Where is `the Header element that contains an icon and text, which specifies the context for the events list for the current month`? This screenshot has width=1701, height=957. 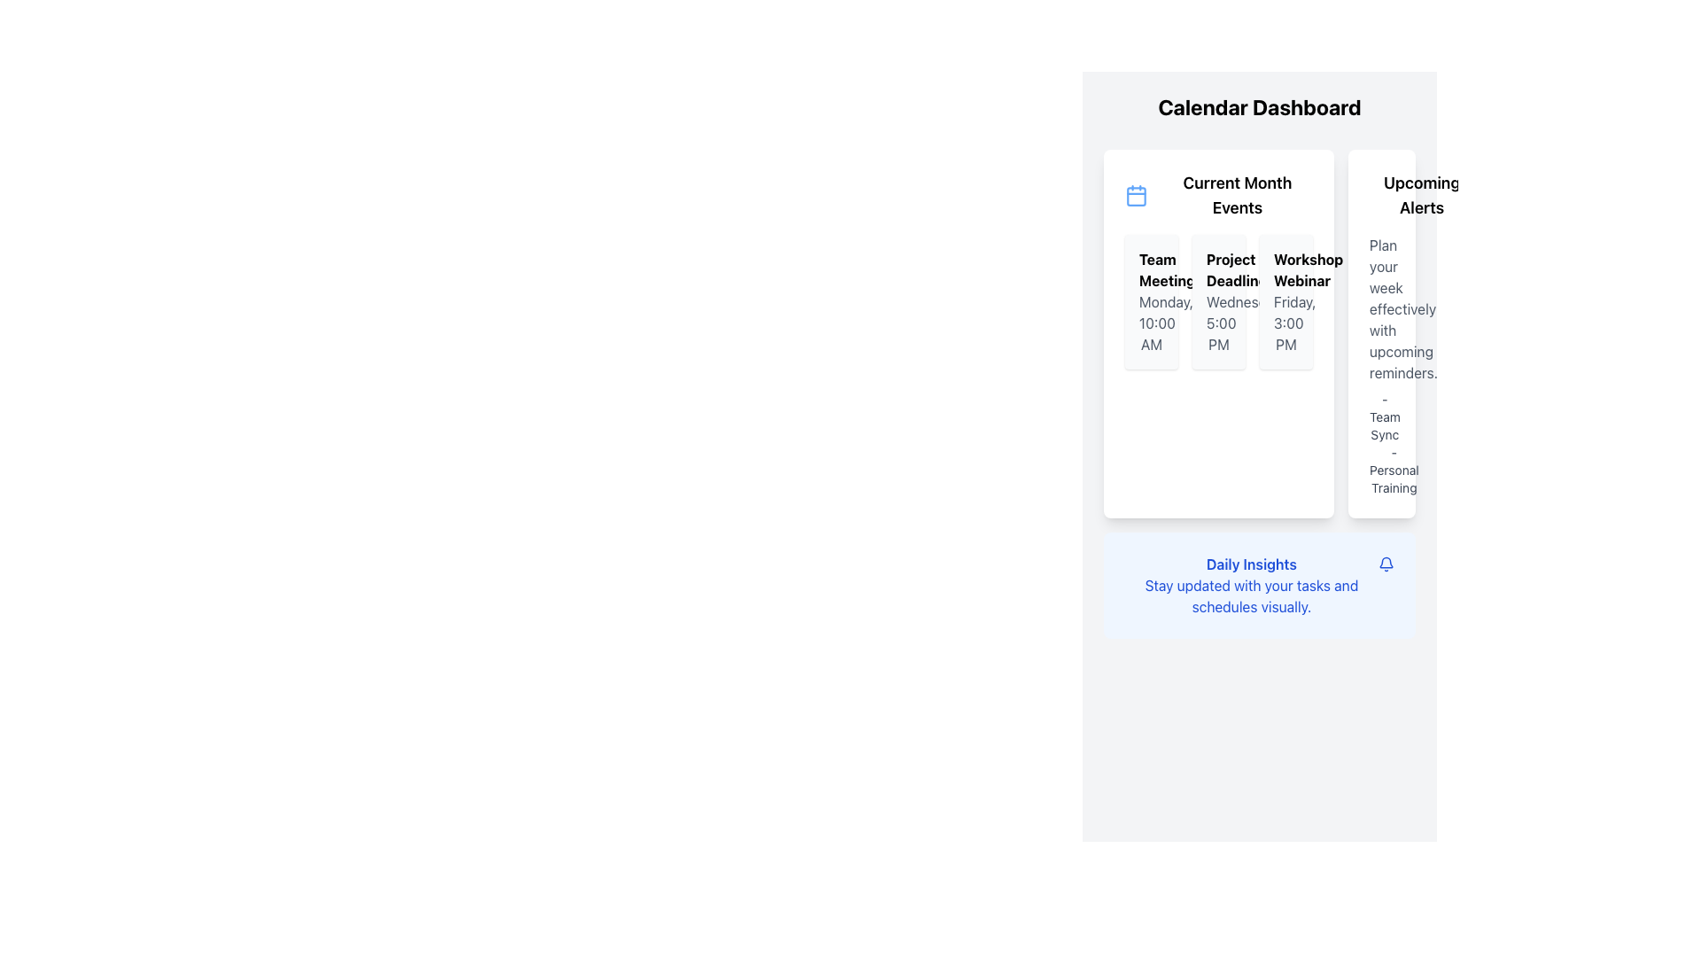
the Header element that contains an icon and text, which specifies the context for the events list for the current month is located at coordinates (1218, 195).